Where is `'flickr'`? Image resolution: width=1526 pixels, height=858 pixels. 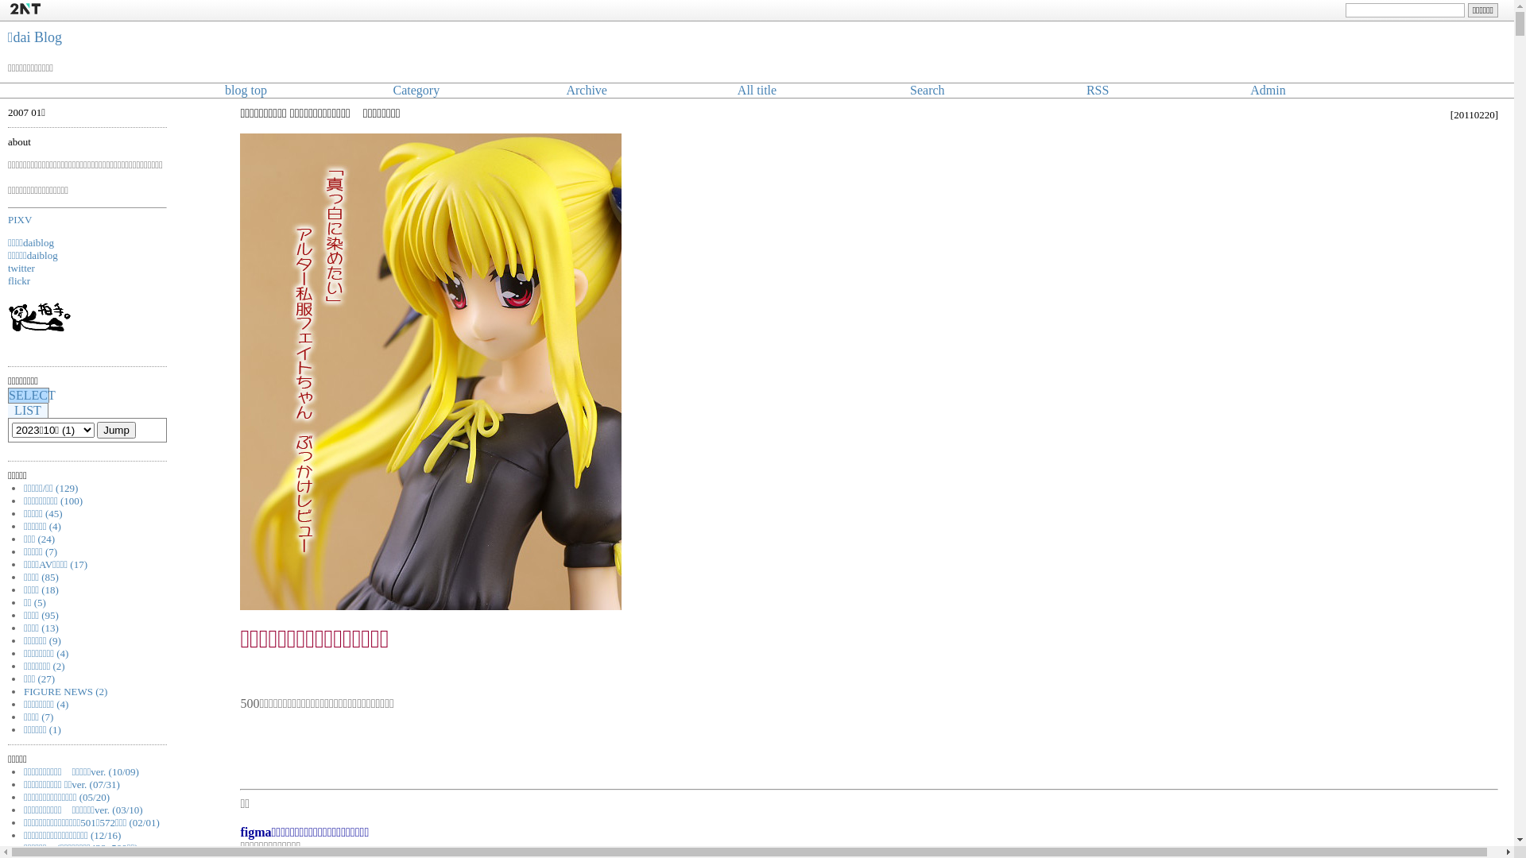
'flickr' is located at coordinates (19, 280).